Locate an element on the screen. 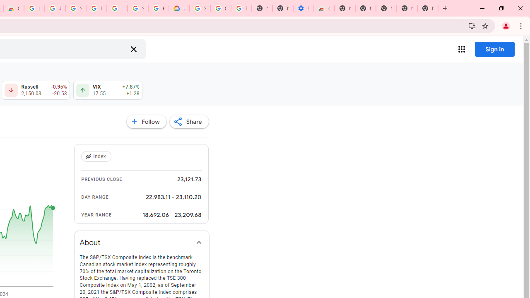 The height and width of the screenshot is (298, 530). 'Follow' is located at coordinates (146, 122).